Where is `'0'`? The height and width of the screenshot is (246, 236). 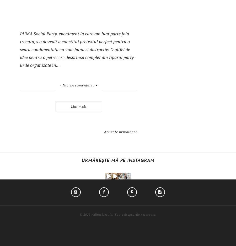 '0' is located at coordinates (138, 194).